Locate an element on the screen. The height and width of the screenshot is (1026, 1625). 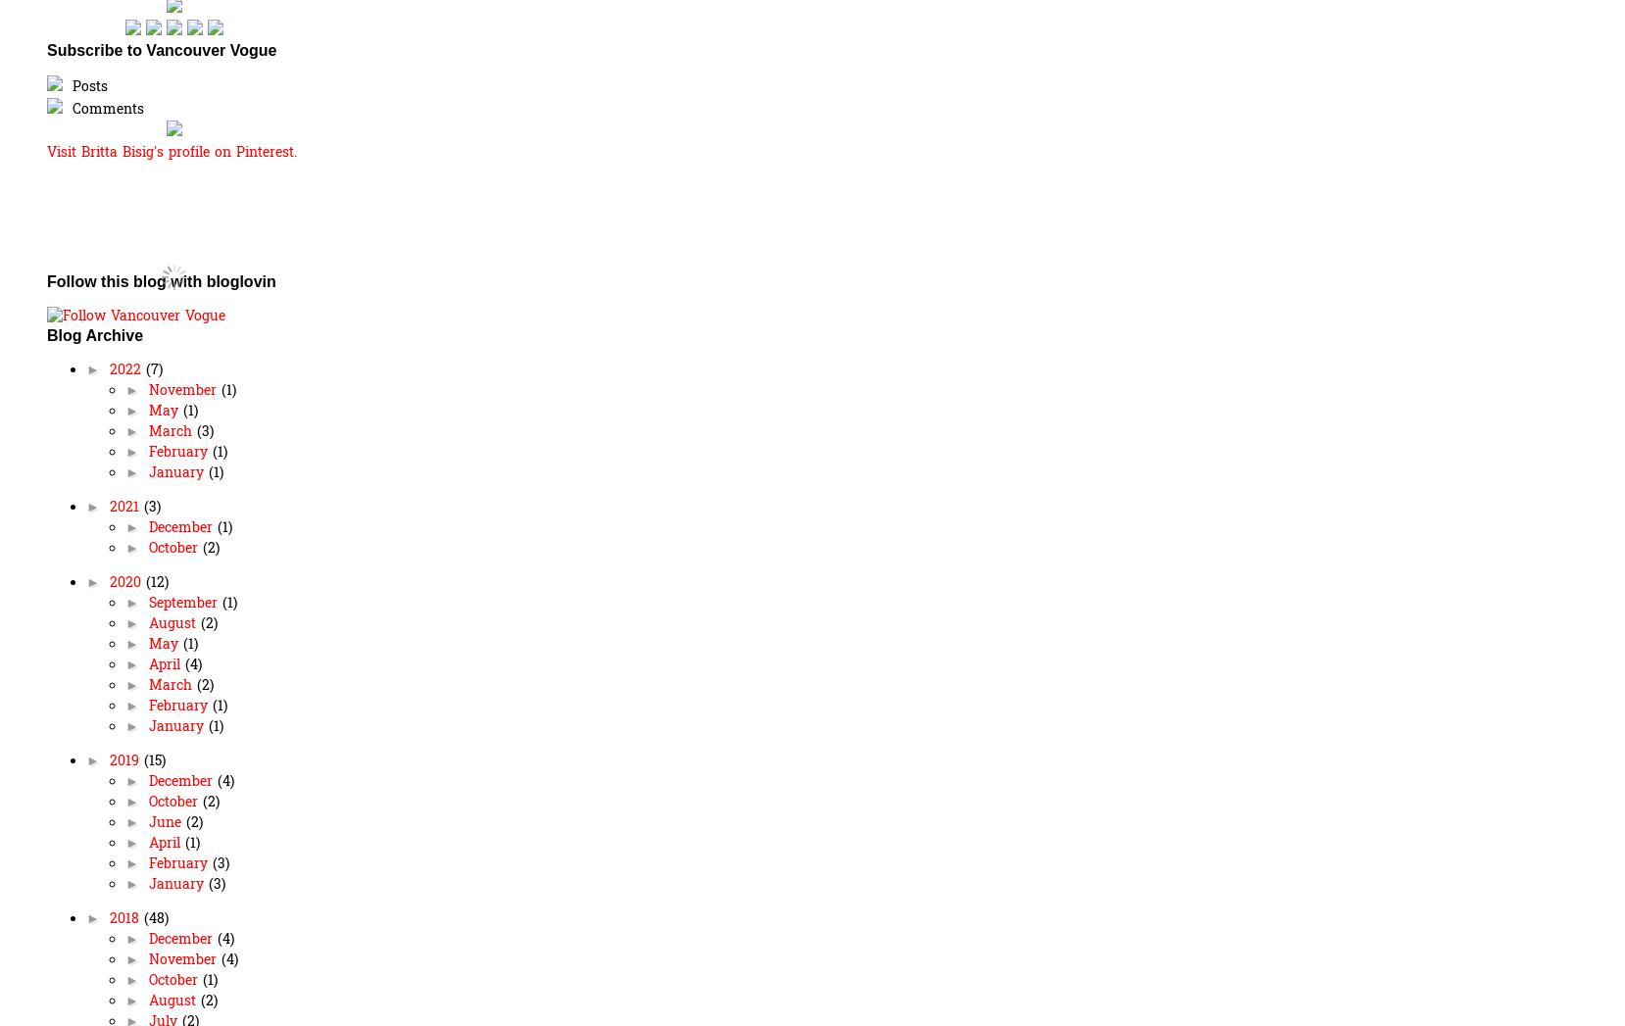
'Blog Archive' is located at coordinates (93, 334).